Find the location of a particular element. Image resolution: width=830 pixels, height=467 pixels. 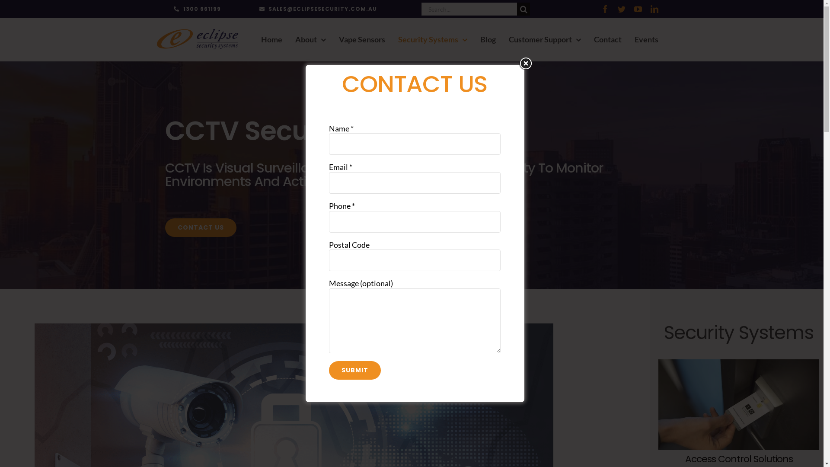

'Close' is located at coordinates (525, 63).